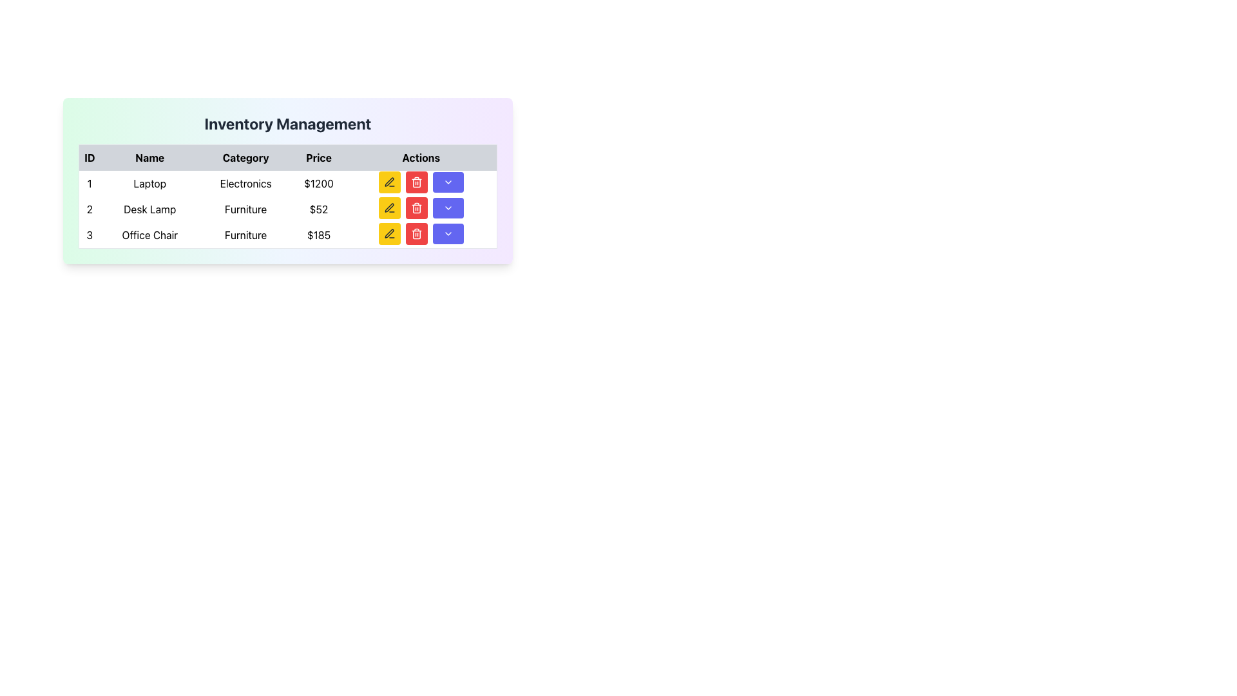 The height and width of the screenshot is (696, 1237). Describe the element at coordinates (318, 184) in the screenshot. I see `the static text element displaying the price '$1200' in the 'Price' column of the first row in the table` at that location.